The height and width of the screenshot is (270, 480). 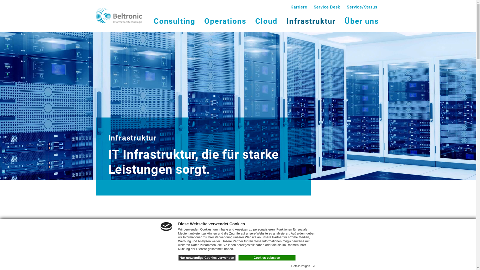 What do you see at coordinates (311, 21) in the screenshot?
I see `'Infrastruktur'` at bounding box center [311, 21].